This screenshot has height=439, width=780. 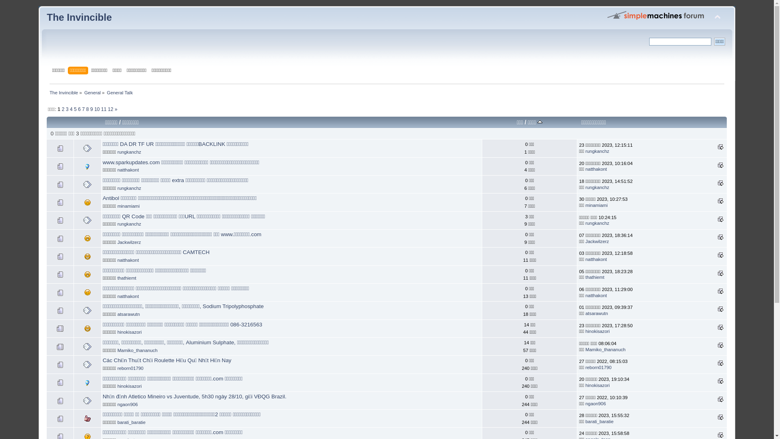 I want to click on 'reborn01790', so click(x=130, y=368).